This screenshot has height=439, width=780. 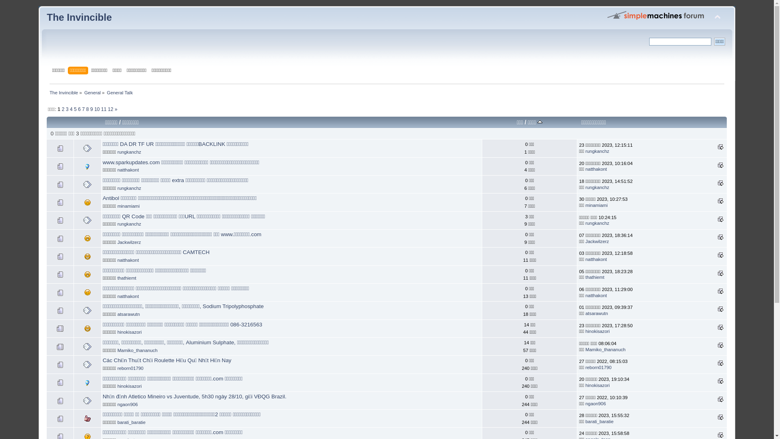 I want to click on 'reborn01790', so click(x=130, y=368).